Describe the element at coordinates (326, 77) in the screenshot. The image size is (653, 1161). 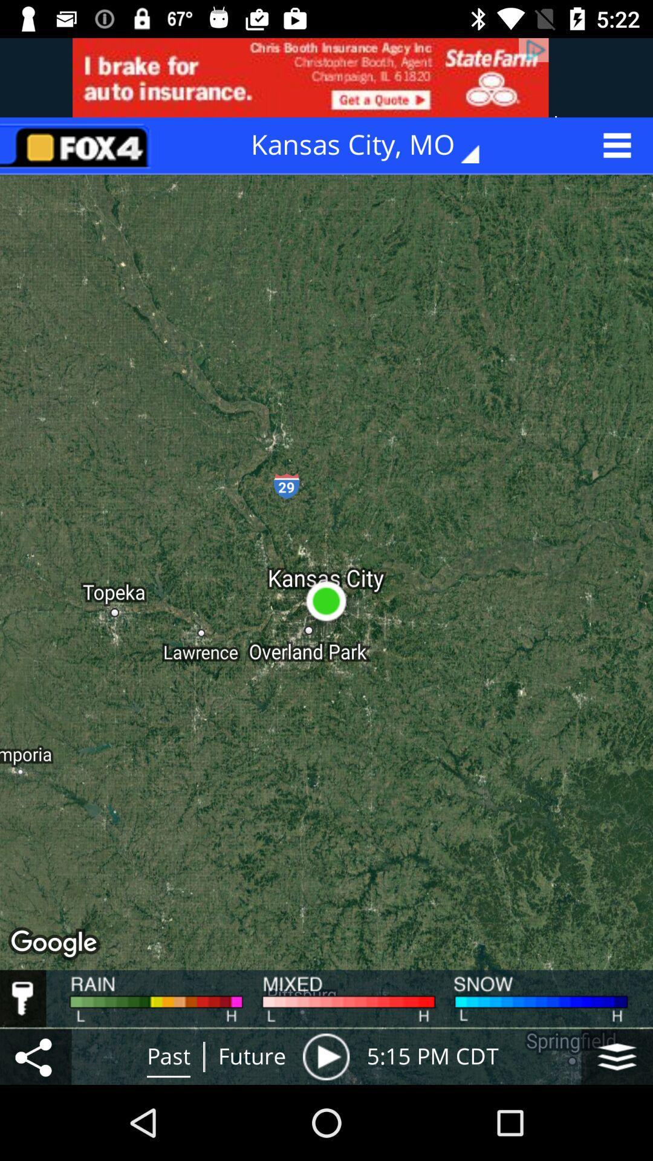
I see `open advertisement` at that location.